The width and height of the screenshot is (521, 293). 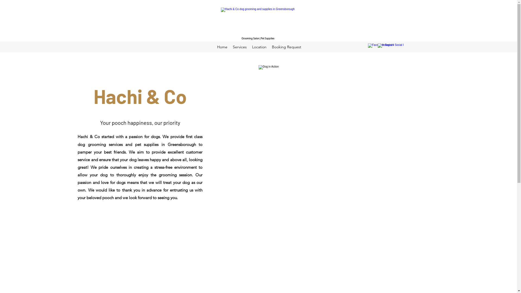 What do you see at coordinates (249, 47) in the screenshot?
I see `'Location'` at bounding box center [249, 47].